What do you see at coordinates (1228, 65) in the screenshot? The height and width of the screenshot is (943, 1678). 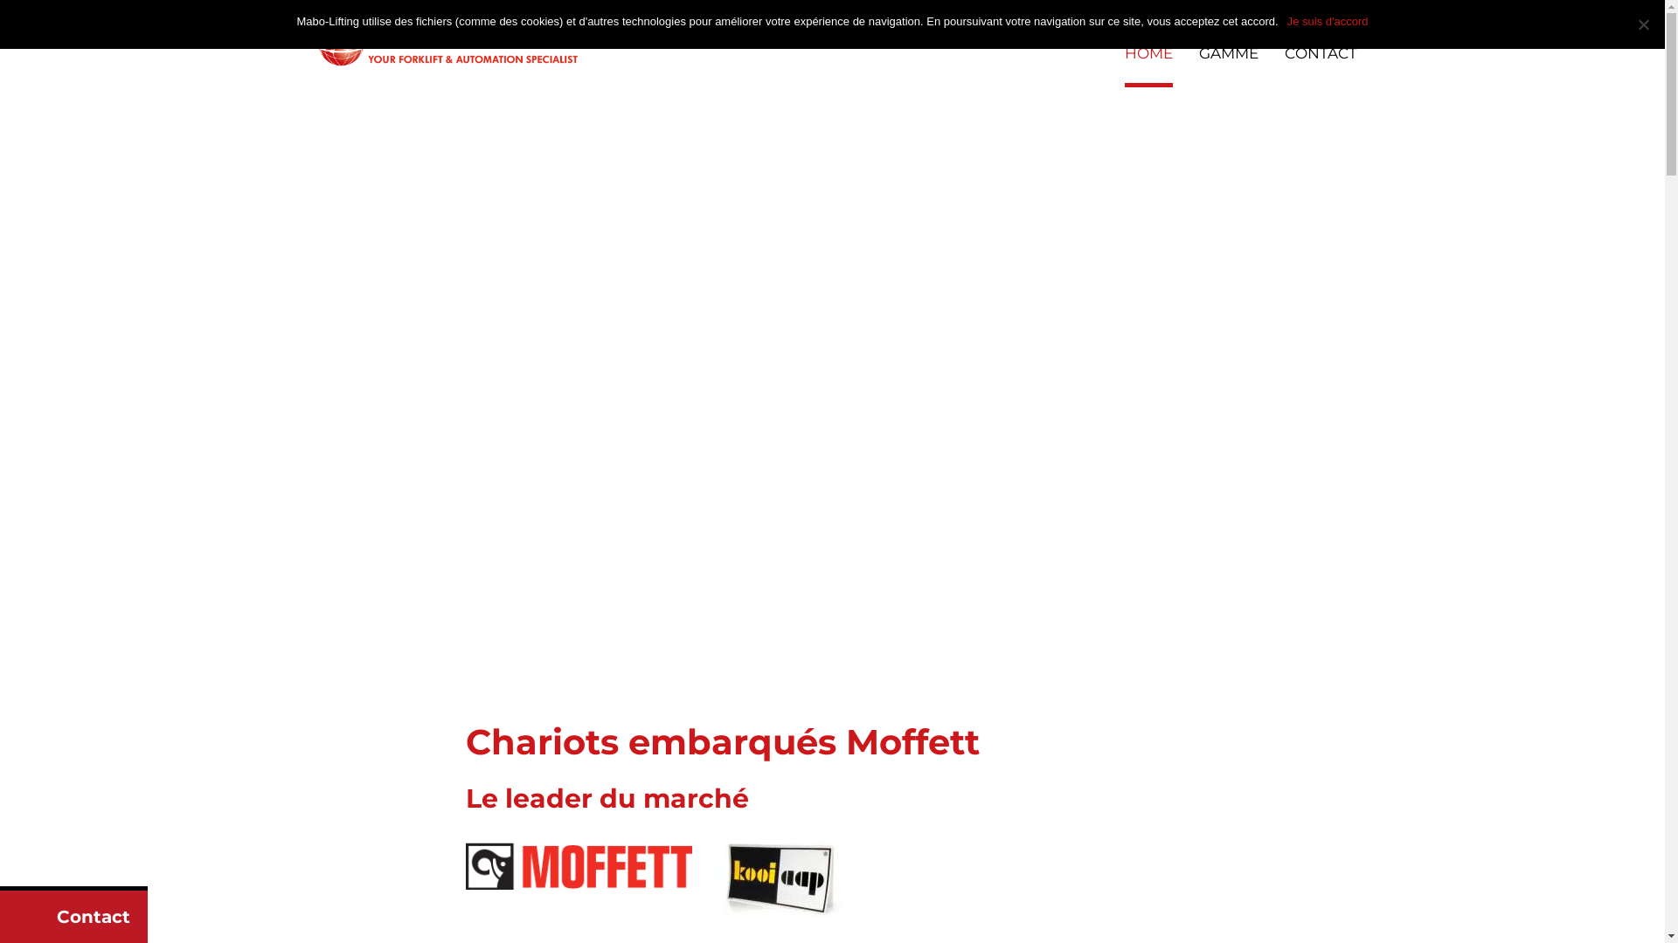 I see `'GAMME'` at bounding box center [1228, 65].